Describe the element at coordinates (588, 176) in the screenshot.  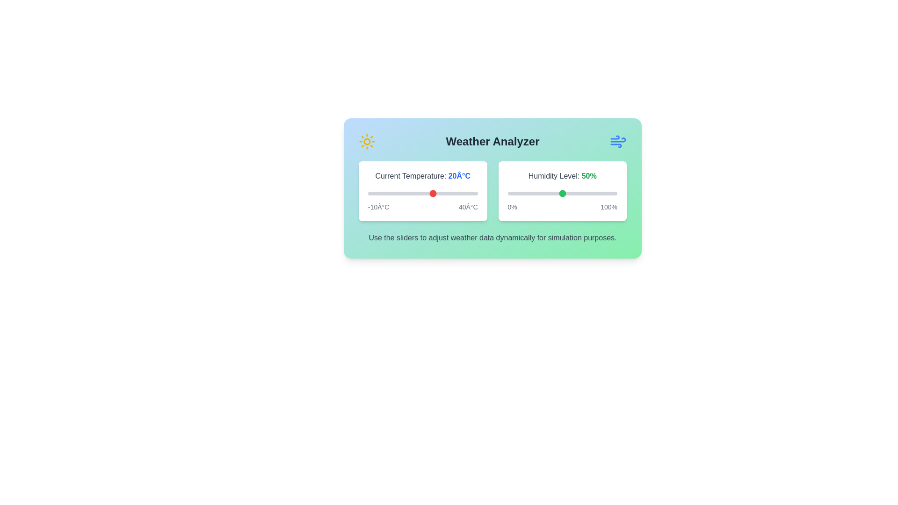
I see `the humidity value text '50%' to interact with it` at that location.